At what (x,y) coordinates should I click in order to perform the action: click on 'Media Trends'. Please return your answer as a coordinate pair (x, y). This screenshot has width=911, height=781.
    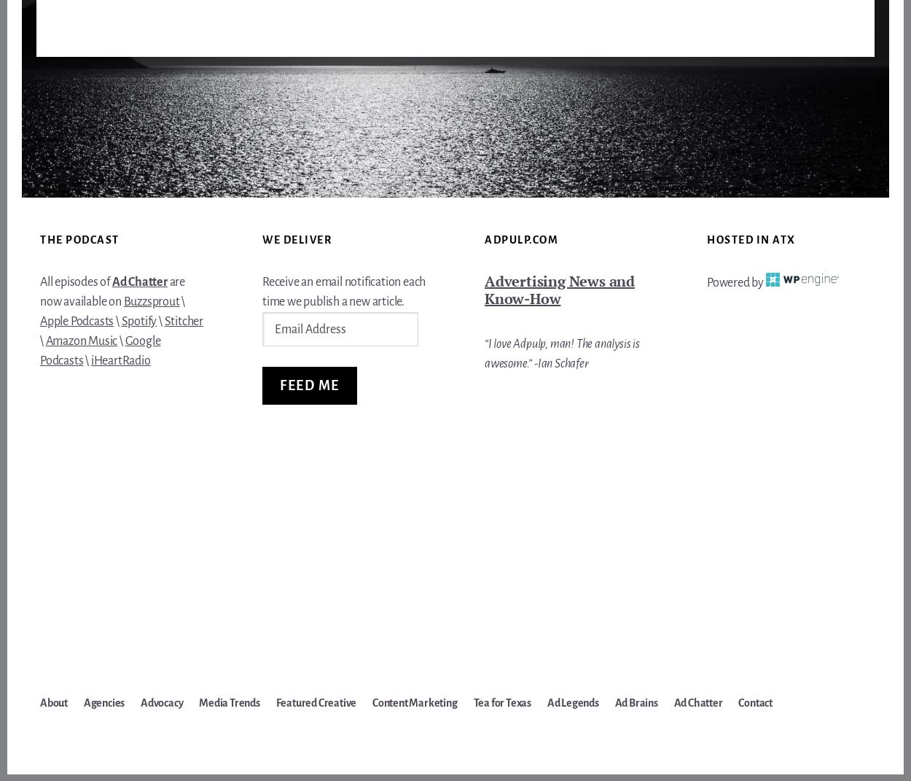
    Looking at the image, I should click on (228, 702).